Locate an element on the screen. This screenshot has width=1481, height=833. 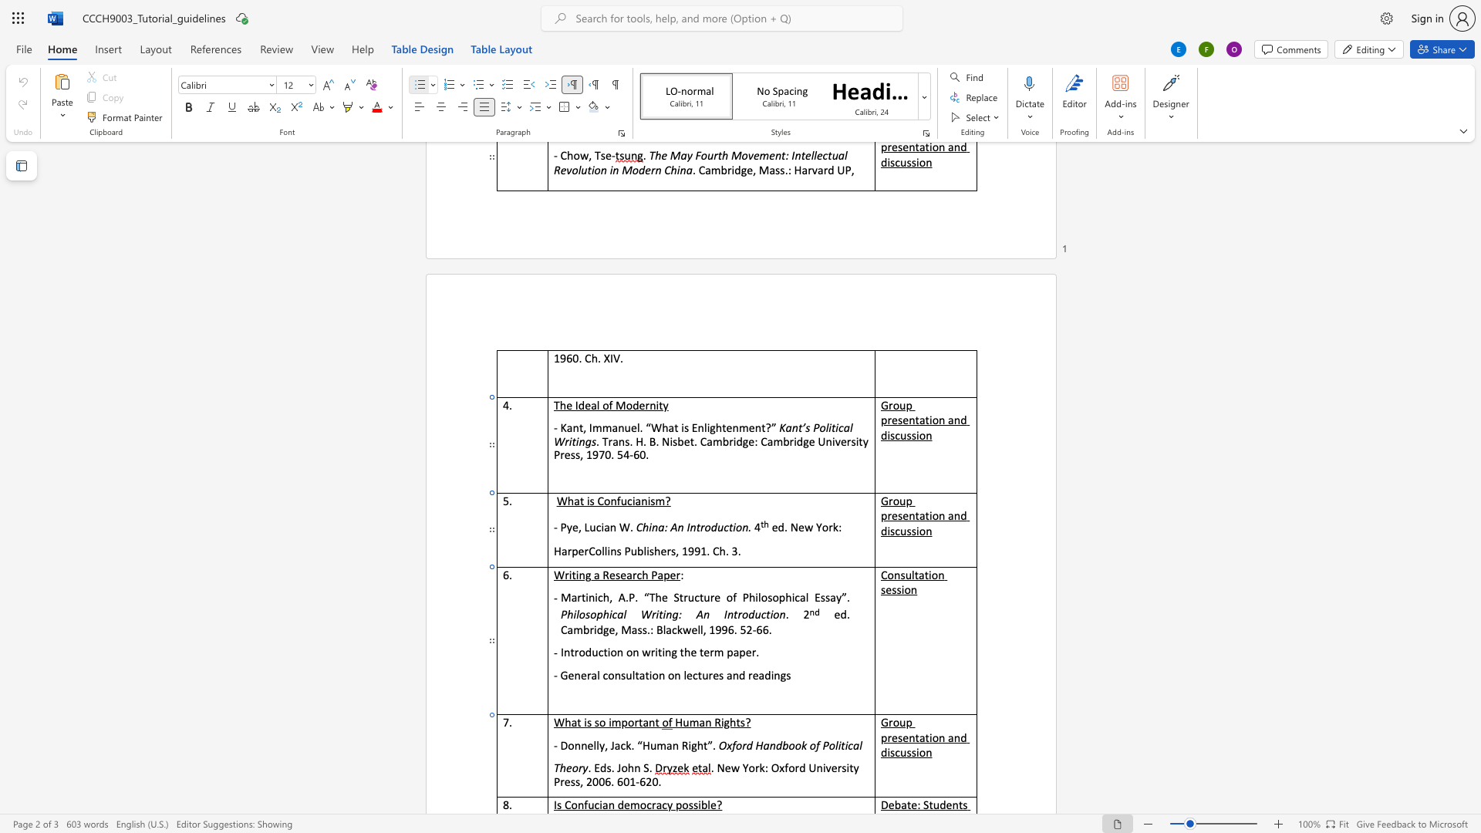
the space between the continuous character "i" and "n" in the text is located at coordinates (774, 674).